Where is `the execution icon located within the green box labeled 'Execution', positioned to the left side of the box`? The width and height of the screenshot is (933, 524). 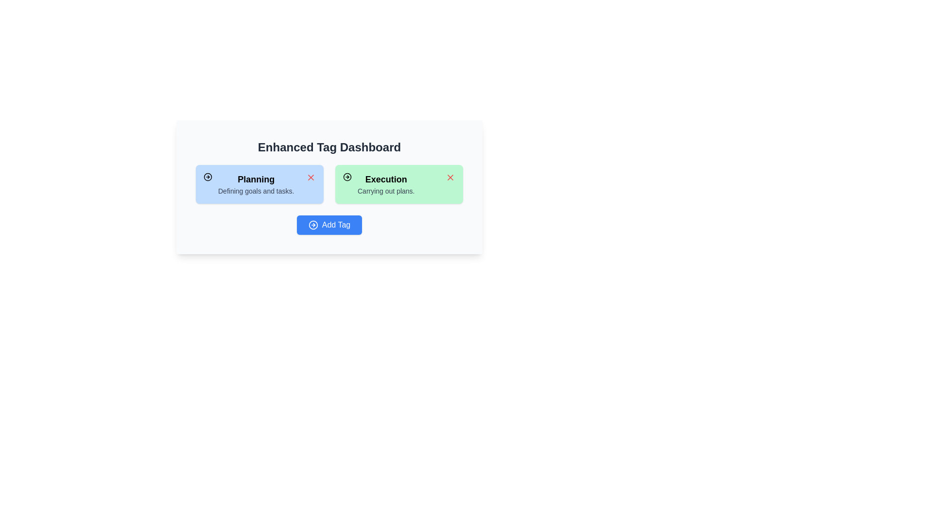 the execution icon located within the green box labeled 'Execution', positioned to the left side of the box is located at coordinates (347, 177).